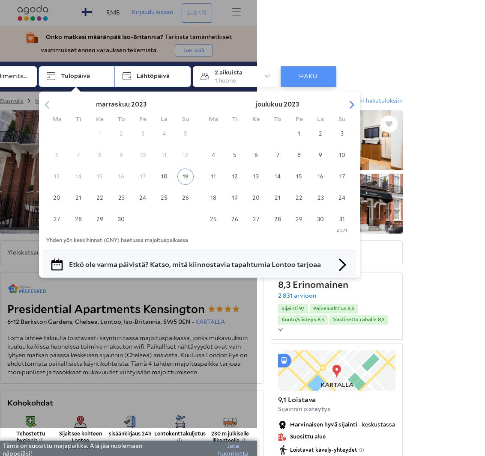 The width and height of the screenshot is (485, 456). I want to click on 'Harvinaisen hyvä sijainti', so click(323, 424).